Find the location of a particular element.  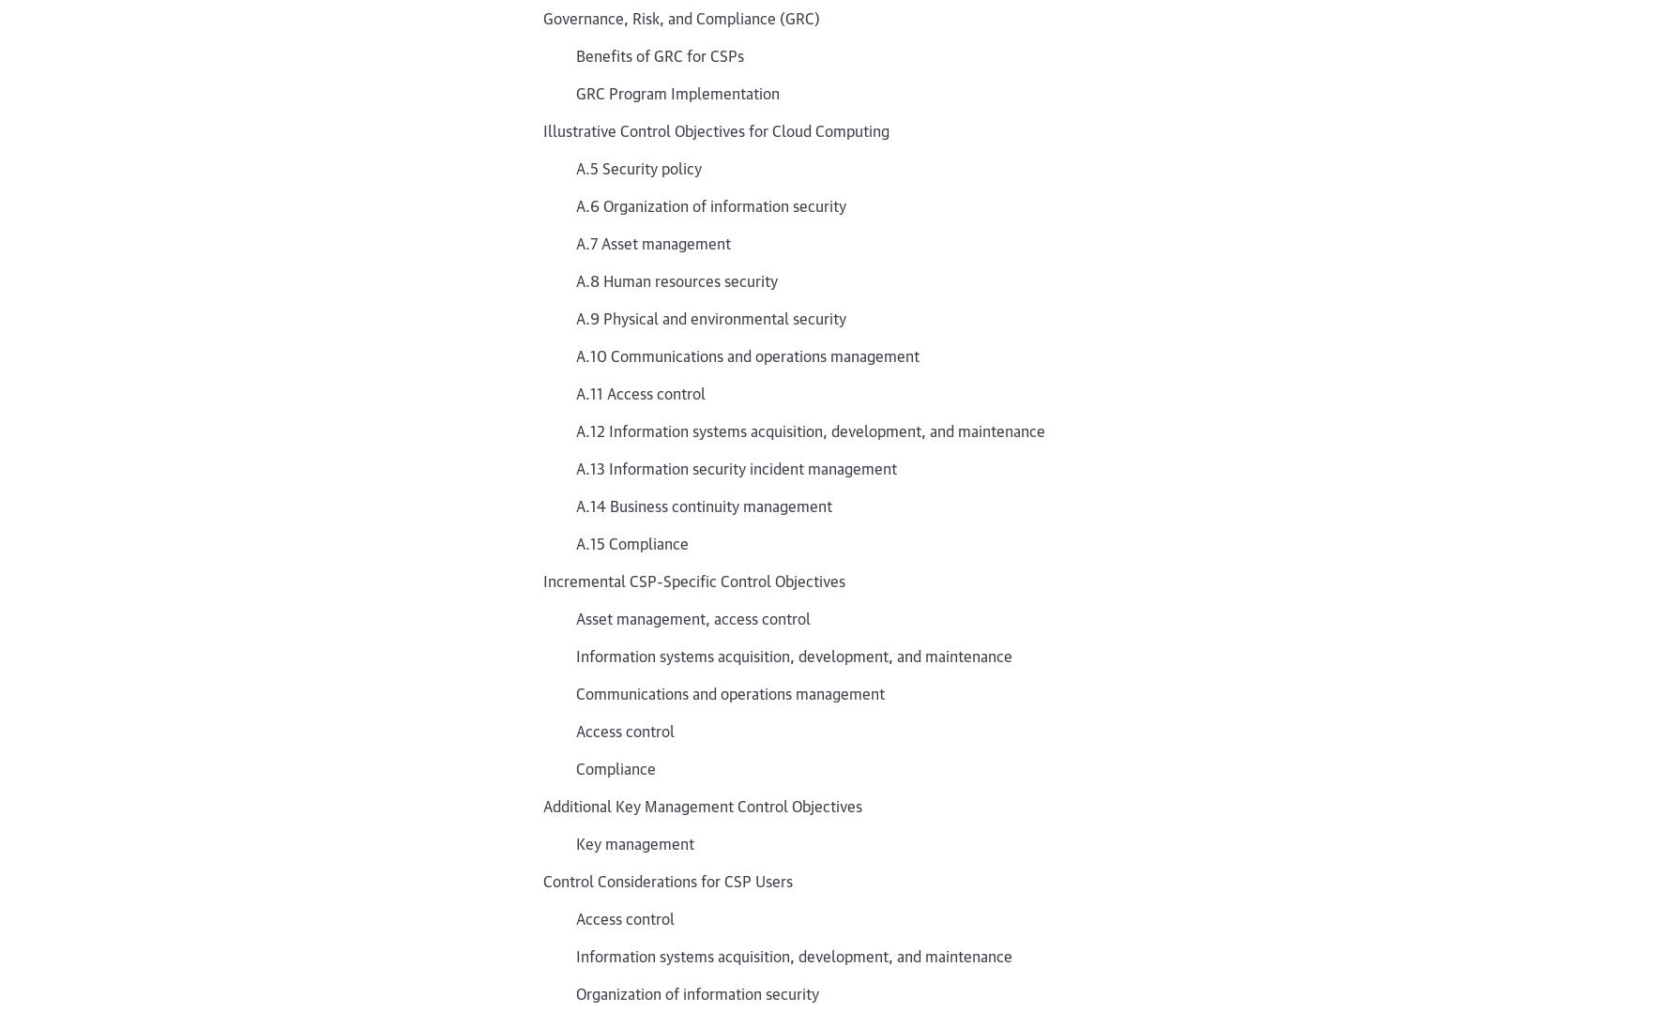

'A.12 Information systems acquisition, development, and maintenance' is located at coordinates (811, 429).